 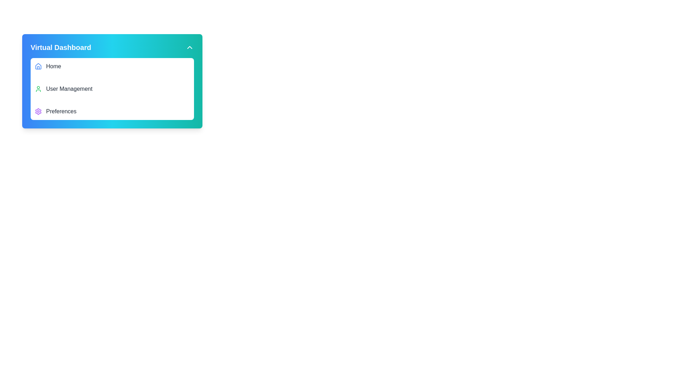 I want to click on text label 'Home' that is styled in gray and located next to a house icon within the menu of the 'Virtual Dashboard' card, so click(x=53, y=66).